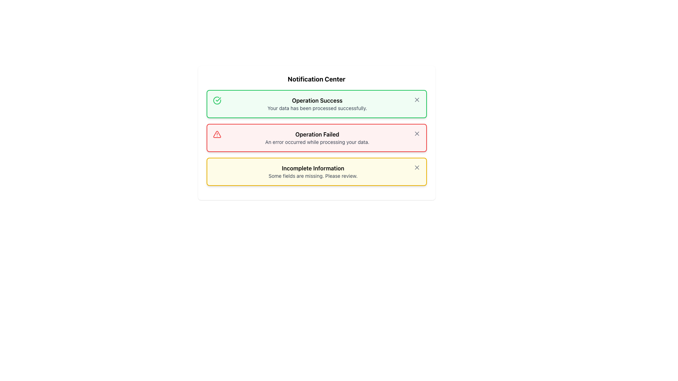 This screenshot has height=381, width=678. What do you see at coordinates (317, 108) in the screenshot?
I see `the informational Text Label that provides additional detail about the 'Operation Success' header` at bounding box center [317, 108].